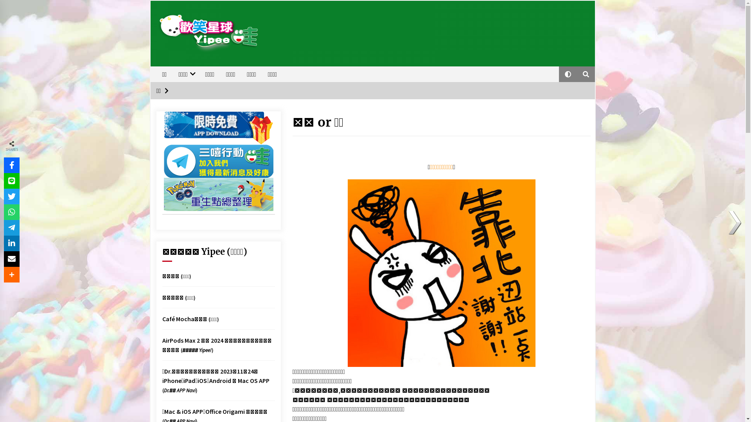  I want to click on 'More share links', so click(4, 274).